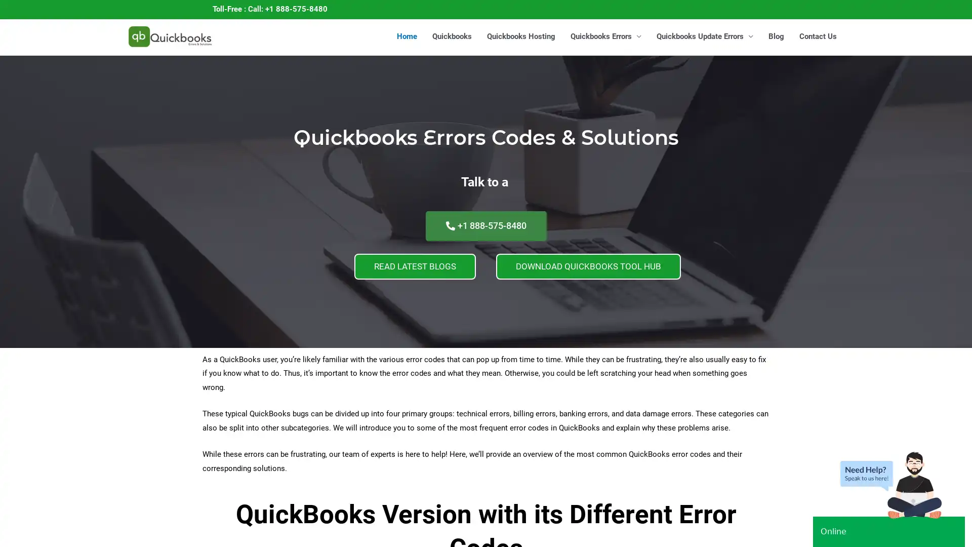 The image size is (972, 547). I want to click on READ LATEST BLOGS, so click(415, 265).